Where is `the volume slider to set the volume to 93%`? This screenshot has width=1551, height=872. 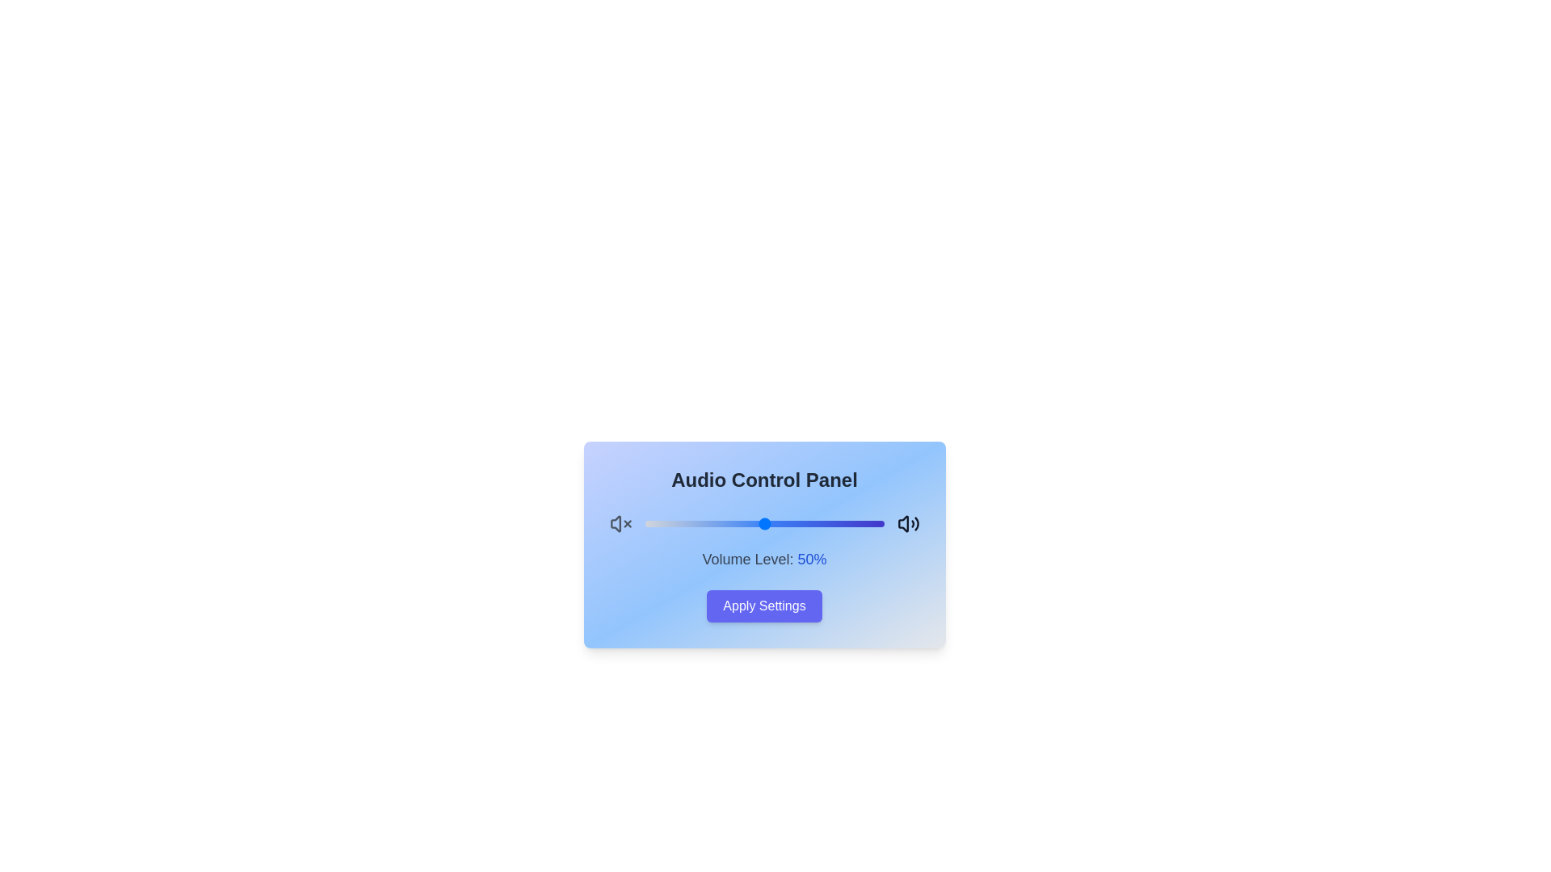
the volume slider to set the volume to 93% is located at coordinates (866, 523).